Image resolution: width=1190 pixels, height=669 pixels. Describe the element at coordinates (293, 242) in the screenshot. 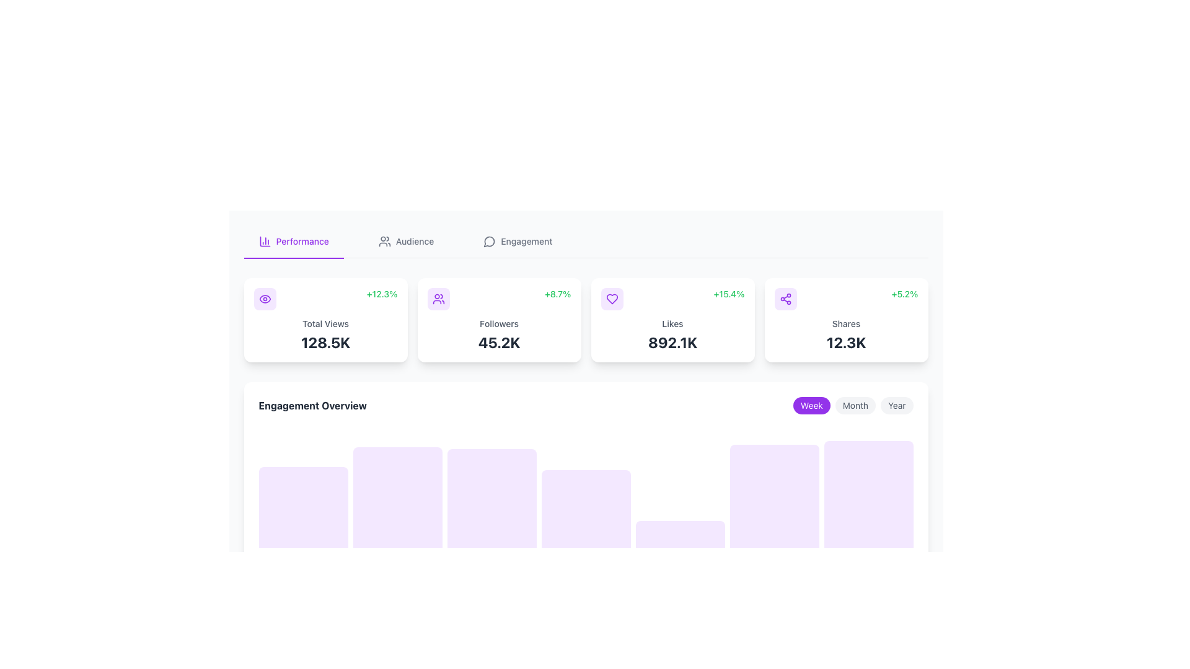

I see `the first navigation tab in the horizontal navigation bar` at that location.